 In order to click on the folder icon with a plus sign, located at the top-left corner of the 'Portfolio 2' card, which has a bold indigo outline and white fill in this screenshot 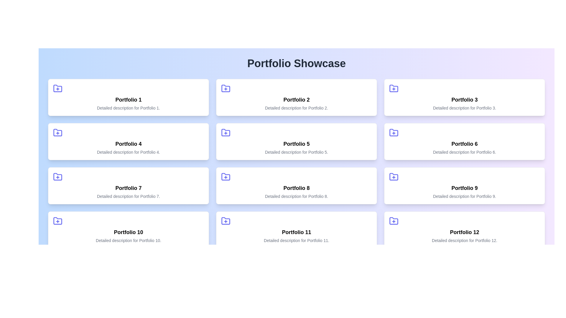, I will do `click(226, 88)`.